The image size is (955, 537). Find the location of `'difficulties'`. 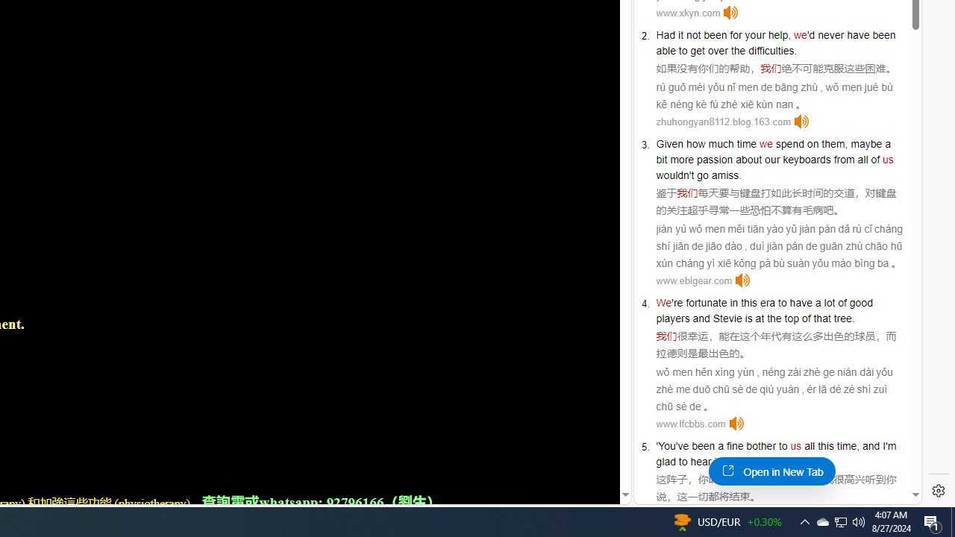

'difficulties' is located at coordinates (771, 50).